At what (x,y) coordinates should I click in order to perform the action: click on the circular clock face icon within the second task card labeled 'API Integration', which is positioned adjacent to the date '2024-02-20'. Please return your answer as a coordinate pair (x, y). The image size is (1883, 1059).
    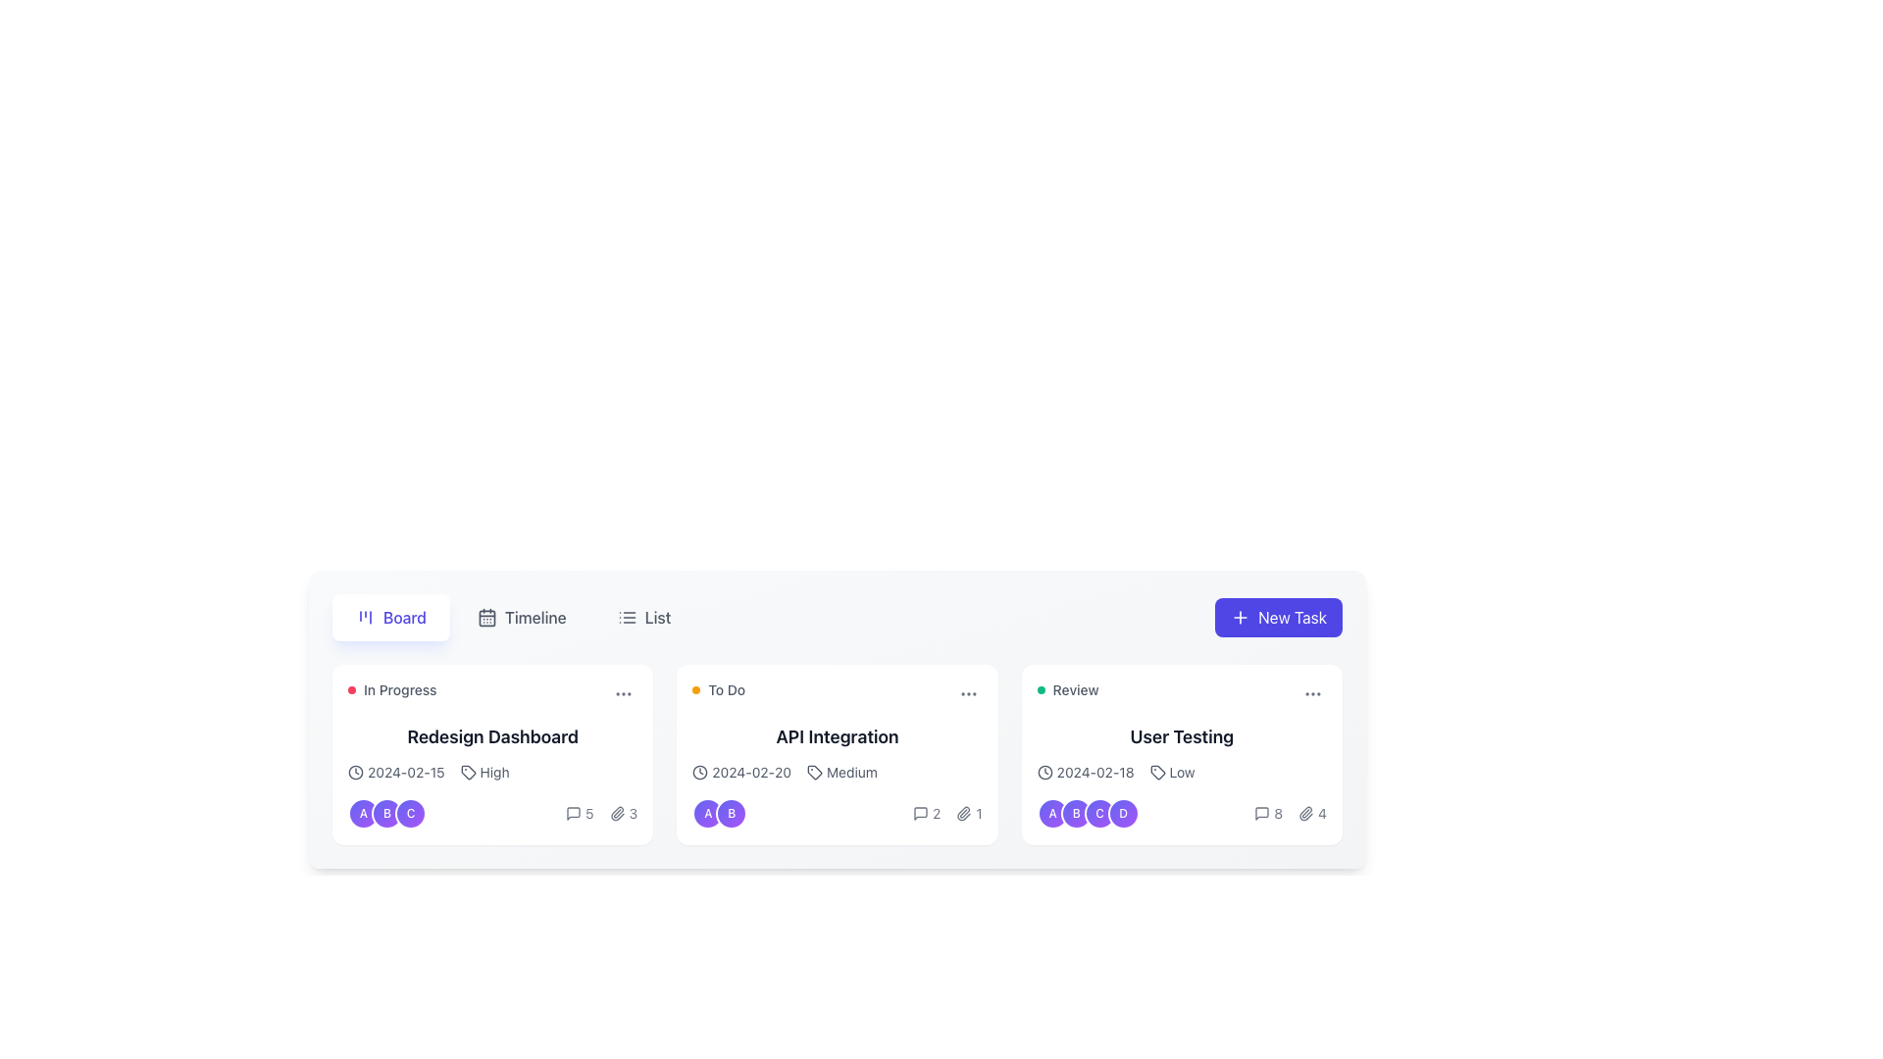
    Looking at the image, I should click on (700, 771).